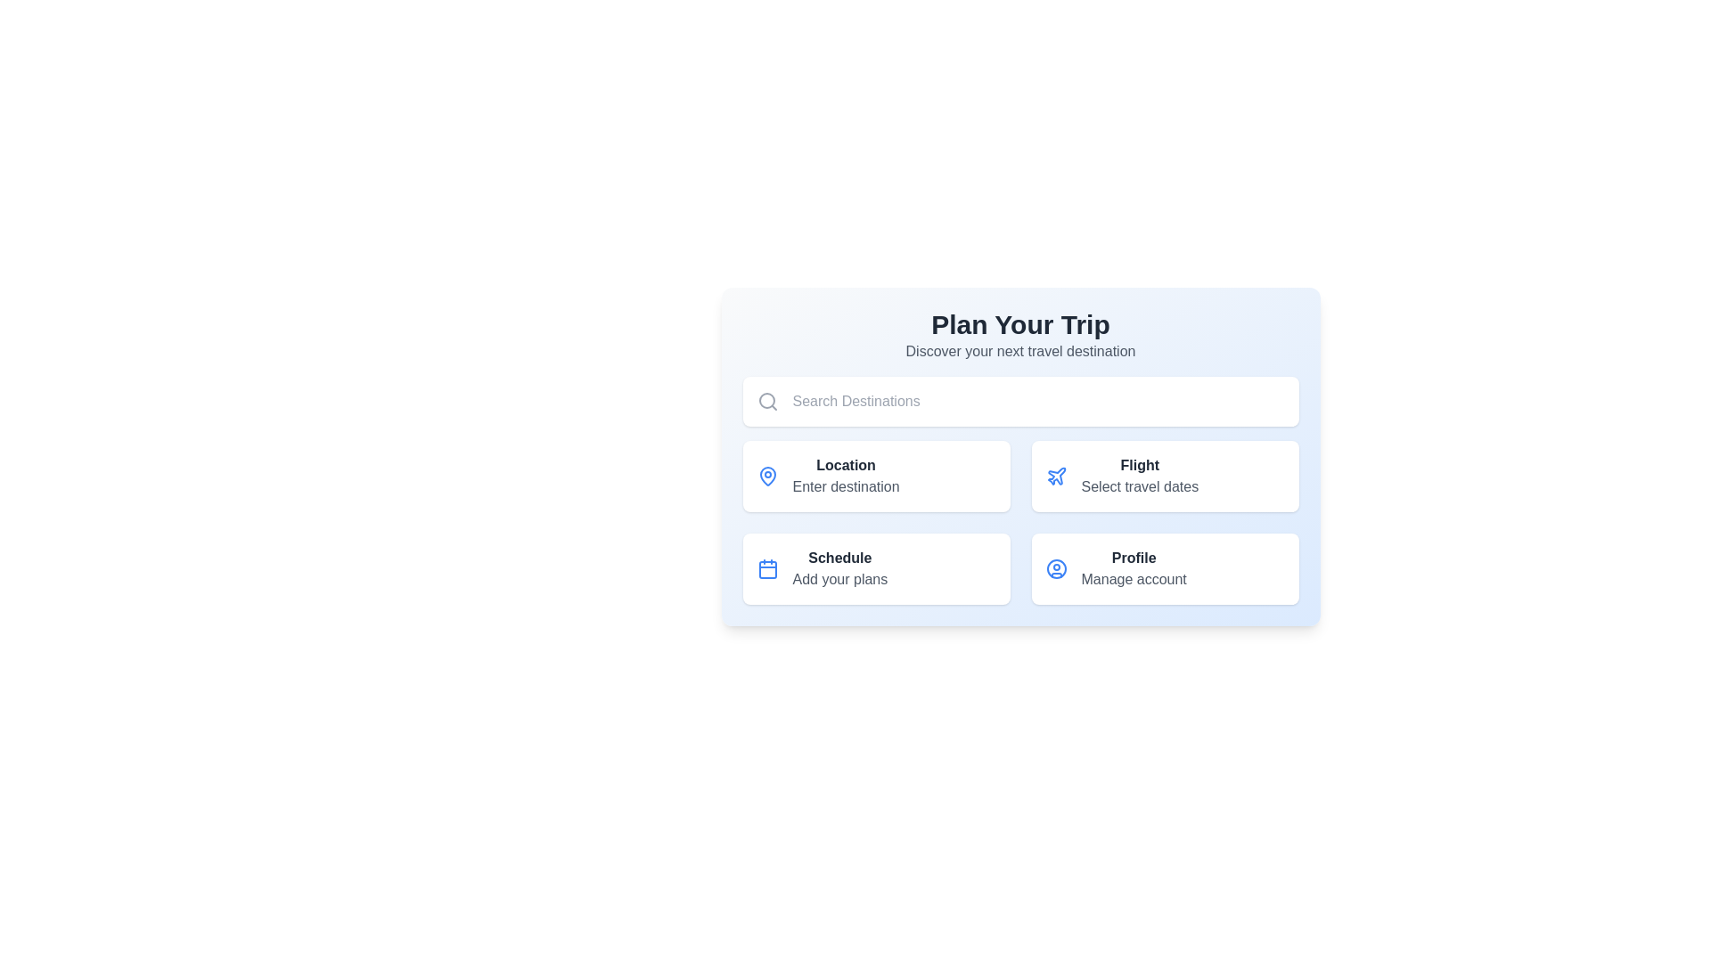 The image size is (1711, 962). I want to click on the 'Flight' text label, which displays the title 'Flight' in bold, dark gray text and the description 'Select travel dates' in lighter gray text, to proceed to the detailed flight selection page, so click(1139, 476).